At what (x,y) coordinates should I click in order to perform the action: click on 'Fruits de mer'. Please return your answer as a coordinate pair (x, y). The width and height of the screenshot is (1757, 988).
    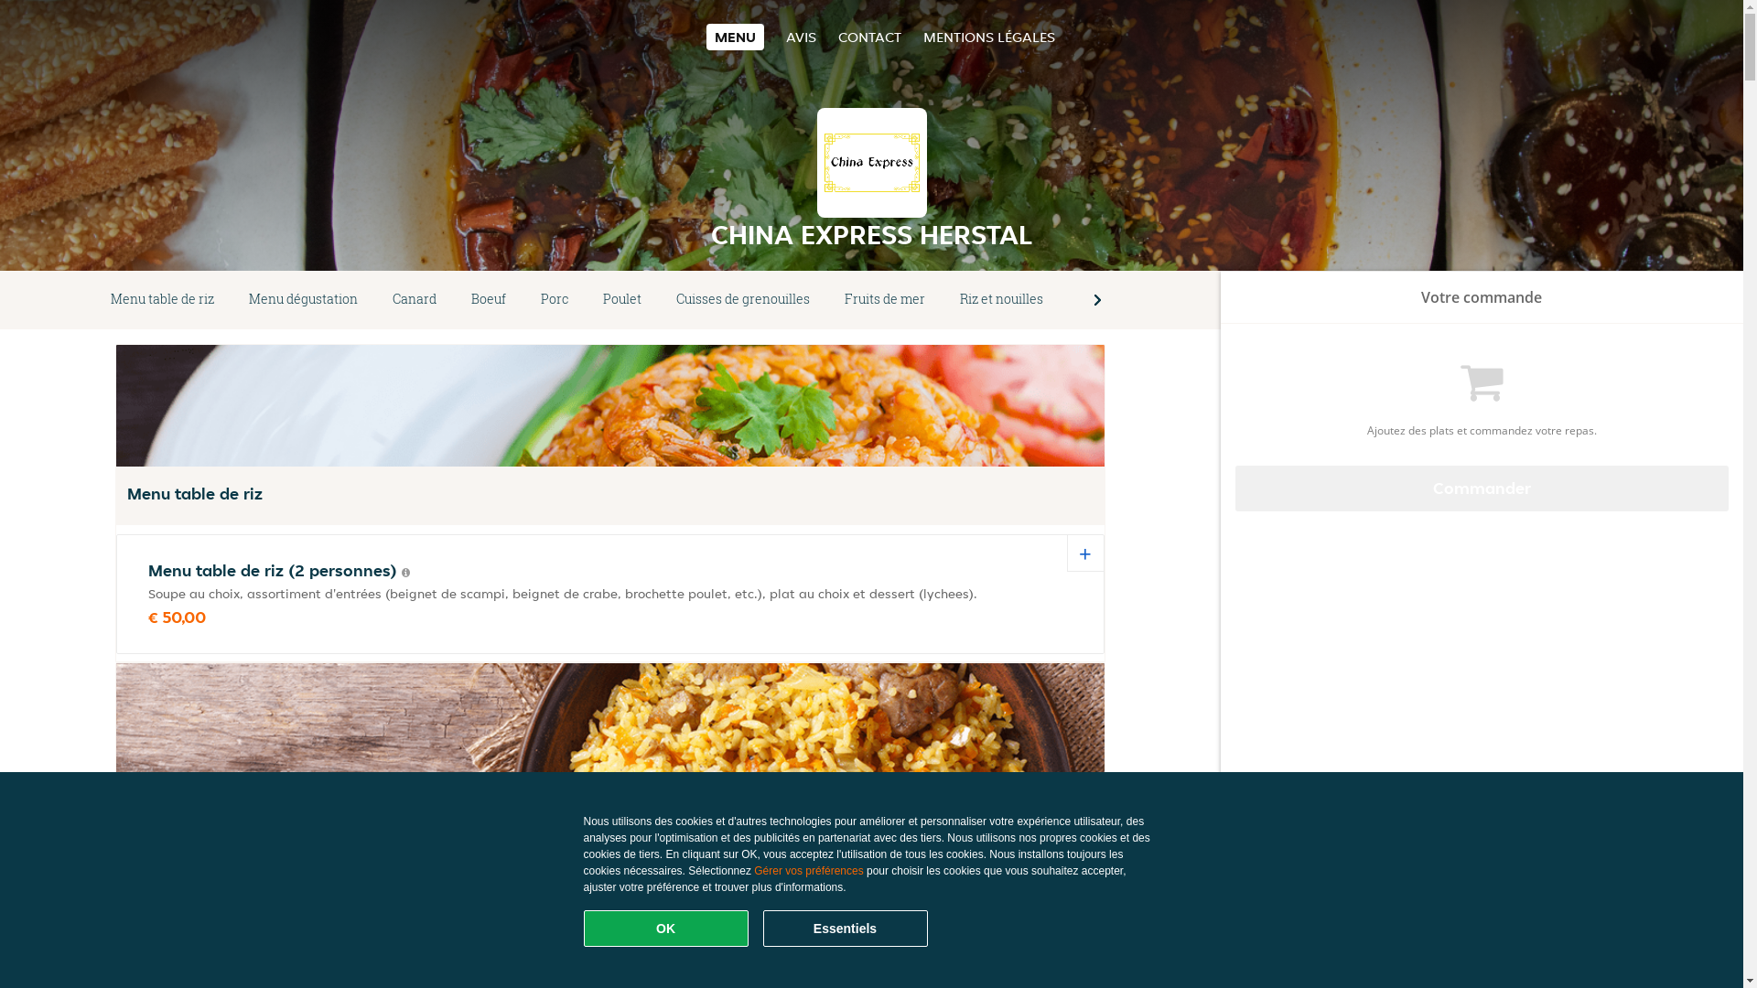
    Looking at the image, I should click on (884, 298).